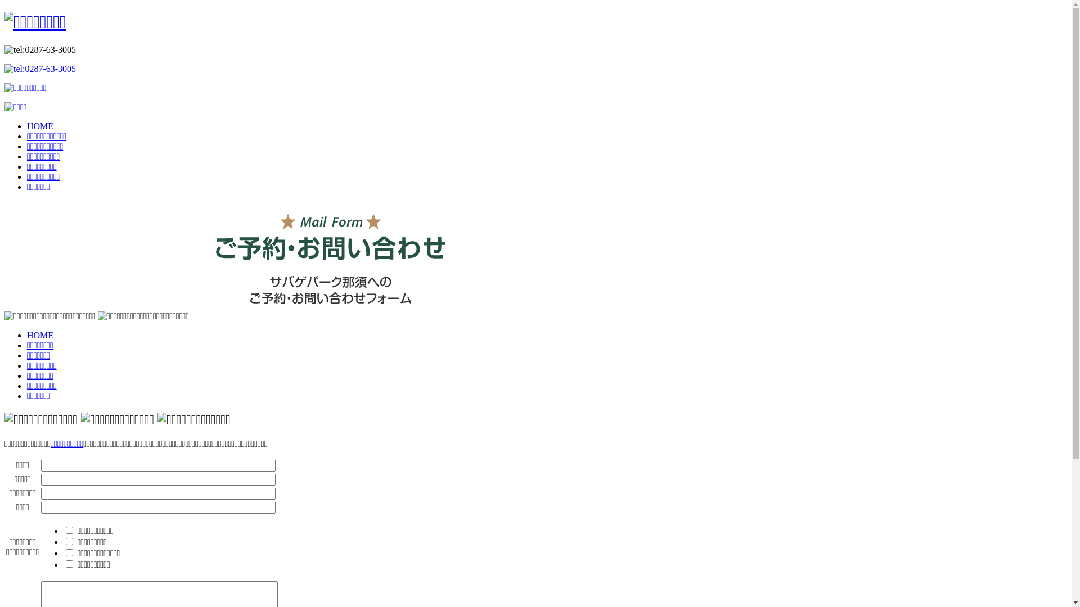  What do you see at coordinates (27, 126) in the screenshot?
I see `'HOME'` at bounding box center [27, 126].